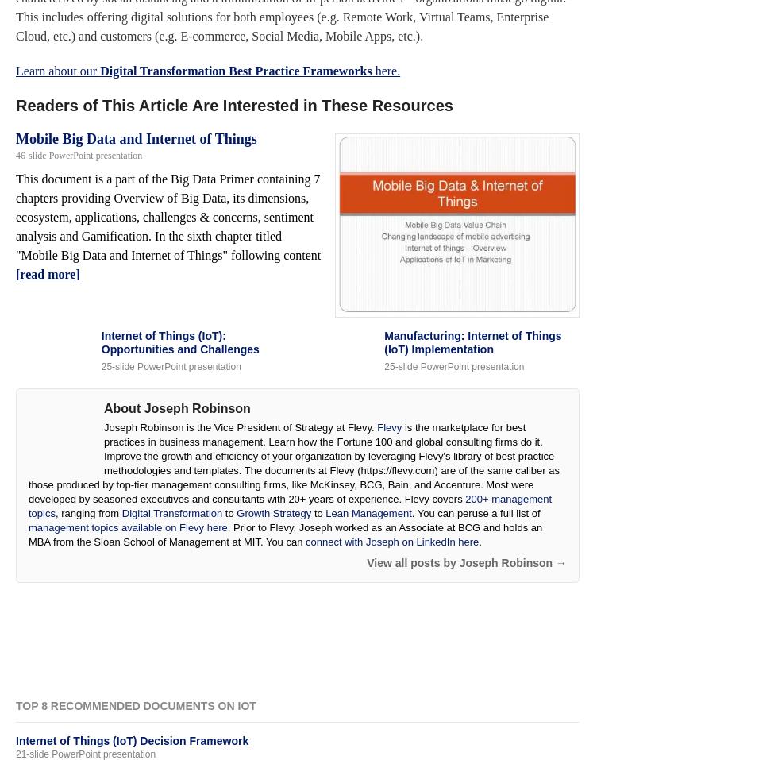 The width and height of the screenshot is (778, 760). I want to click on 'connect with Joseph on LinkedIn here', so click(392, 542).